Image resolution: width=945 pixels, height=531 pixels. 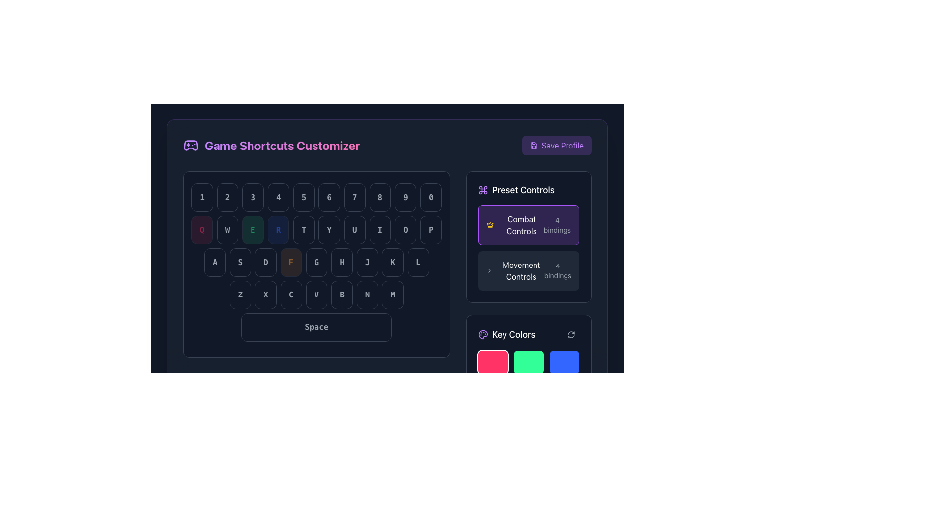 What do you see at coordinates (533, 146) in the screenshot?
I see `the floppy disk icon located to the left of the 'Save Profile' text, which is inside a purple rectangle at the top-right corner of the layout` at bounding box center [533, 146].